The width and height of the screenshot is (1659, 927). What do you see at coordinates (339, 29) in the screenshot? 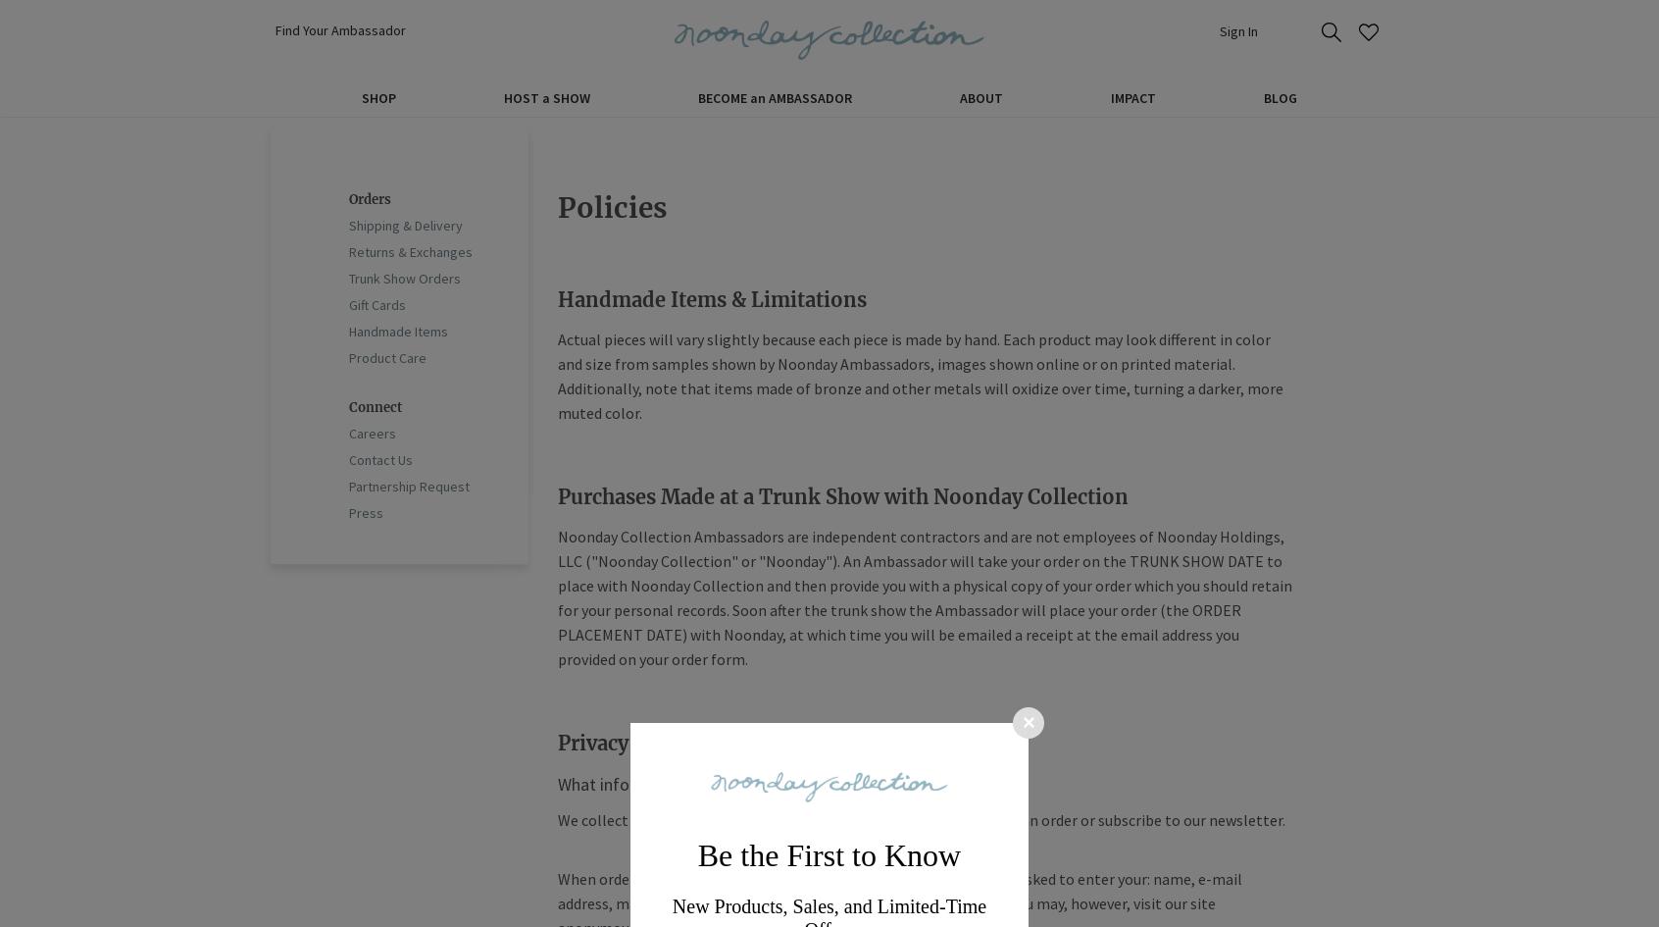
I see `'Find Your Ambassador'` at bounding box center [339, 29].